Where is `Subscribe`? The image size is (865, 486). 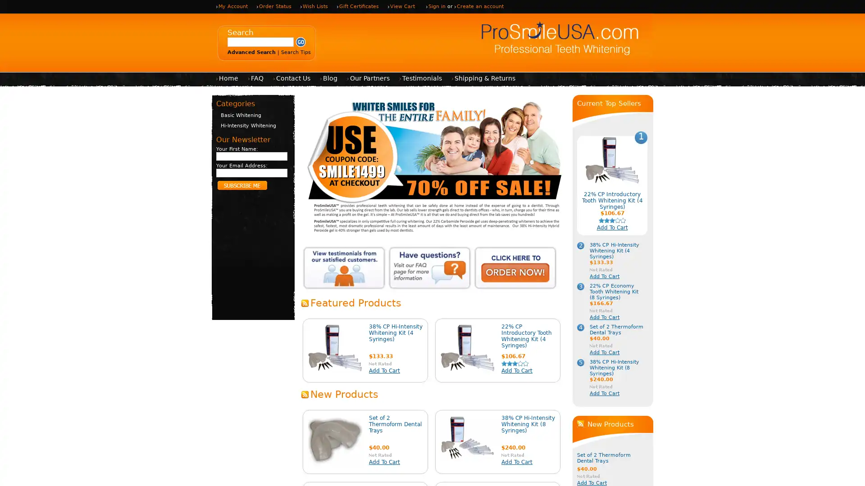 Subscribe is located at coordinates (242, 185).